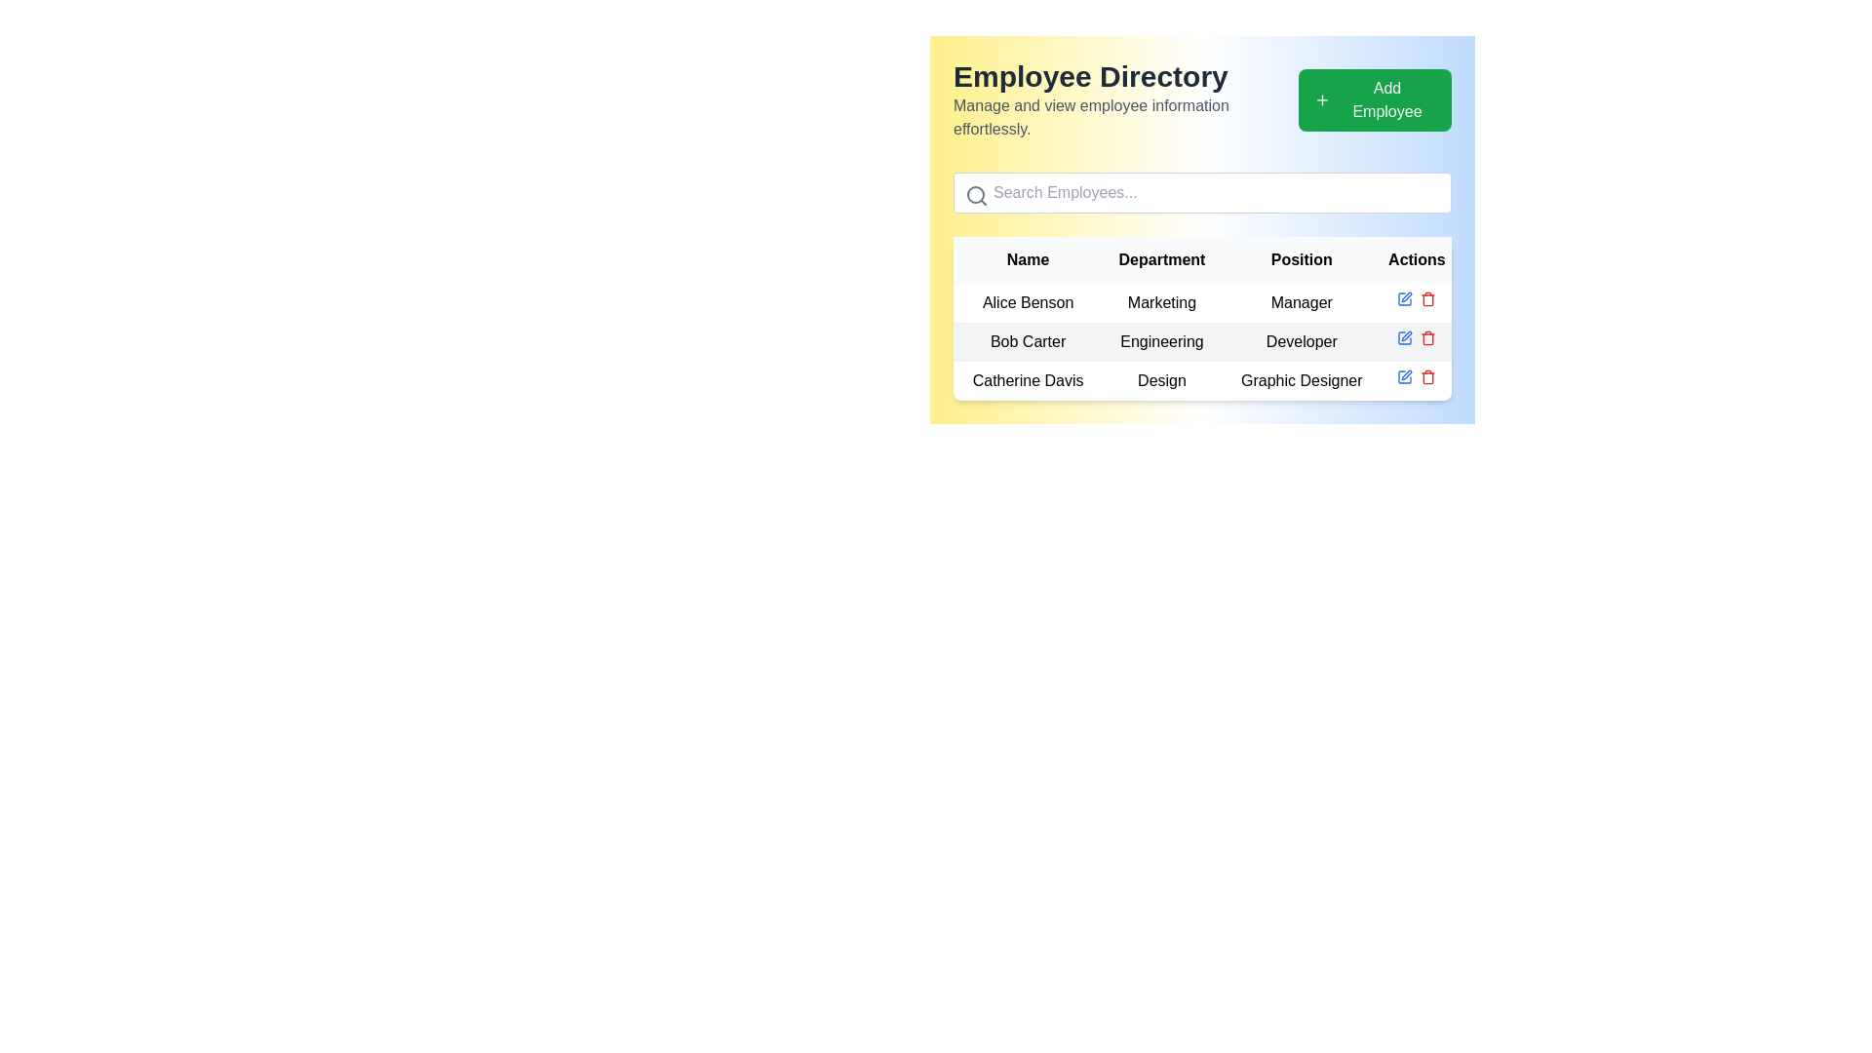 The height and width of the screenshot is (1053, 1872). Describe the element at coordinates (1322, 100) in the screenshot. I see `the addition icon located on the left side of the 'Add Employee' button at the top right section of the interface` at that location.